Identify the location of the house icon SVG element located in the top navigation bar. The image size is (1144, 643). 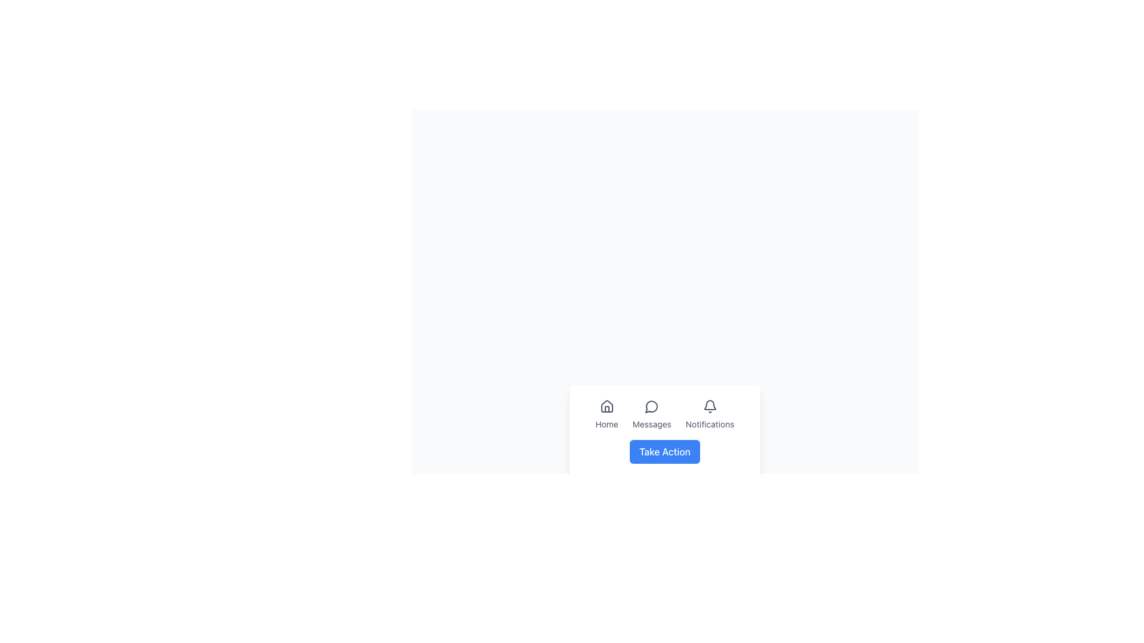
(606, 405).